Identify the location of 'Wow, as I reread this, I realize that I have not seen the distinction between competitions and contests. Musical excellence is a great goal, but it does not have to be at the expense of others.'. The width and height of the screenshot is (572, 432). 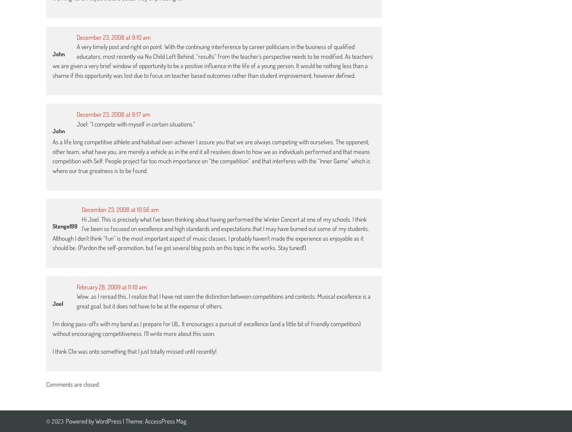
(223, 300).